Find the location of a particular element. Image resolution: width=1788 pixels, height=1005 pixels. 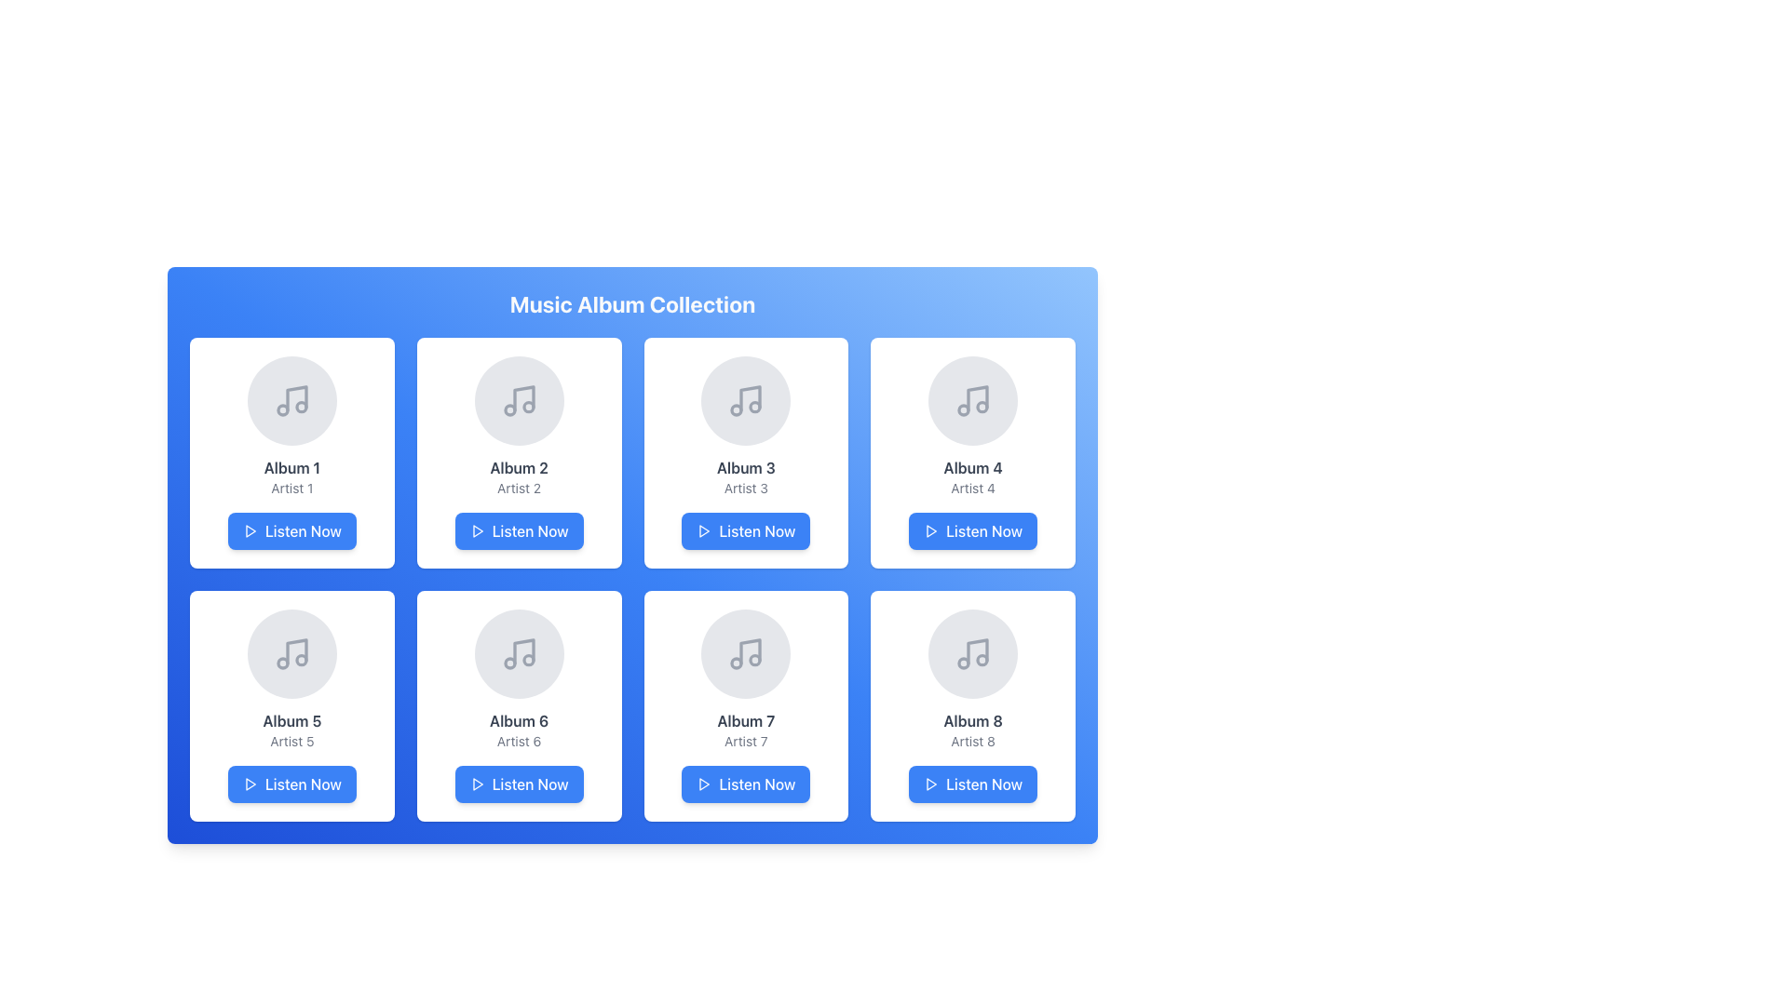

the second circle in the SVG graphics that enhances the visual appearance of the music note icon for Album 4 is located at coordinates (982, 406).